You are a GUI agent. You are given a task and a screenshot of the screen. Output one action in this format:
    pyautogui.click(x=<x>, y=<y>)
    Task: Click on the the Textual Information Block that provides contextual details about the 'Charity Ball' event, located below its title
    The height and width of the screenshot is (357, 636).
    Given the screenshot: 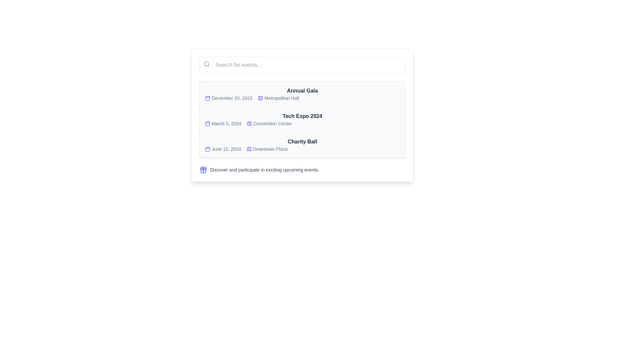 What is the action you would take?
    pyautogui.click(x=302, y=149)
    